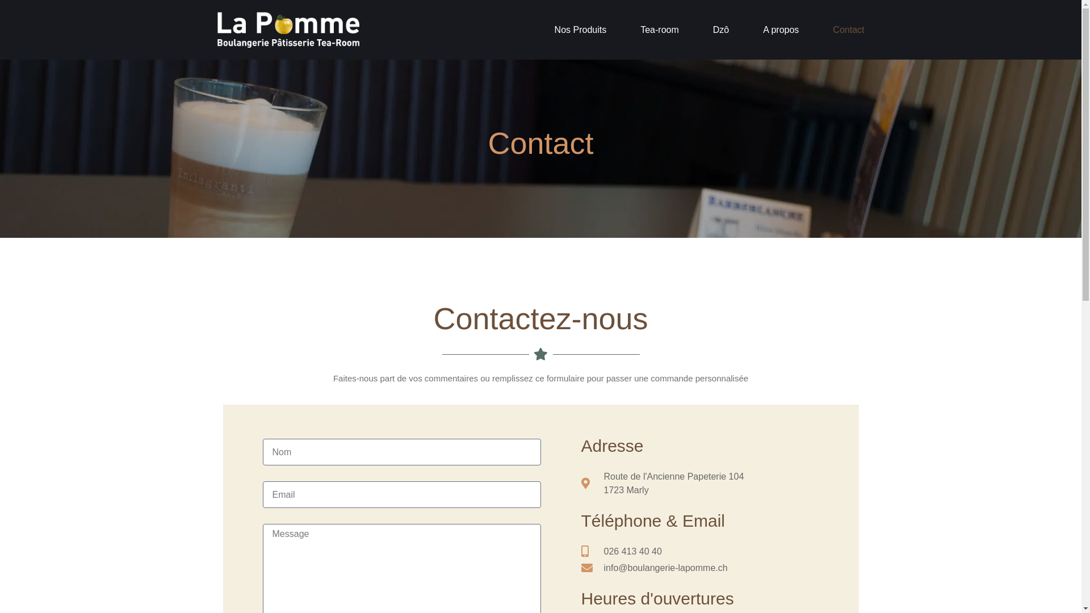  I want to click on 'Nos Produits', so click(555, 29).